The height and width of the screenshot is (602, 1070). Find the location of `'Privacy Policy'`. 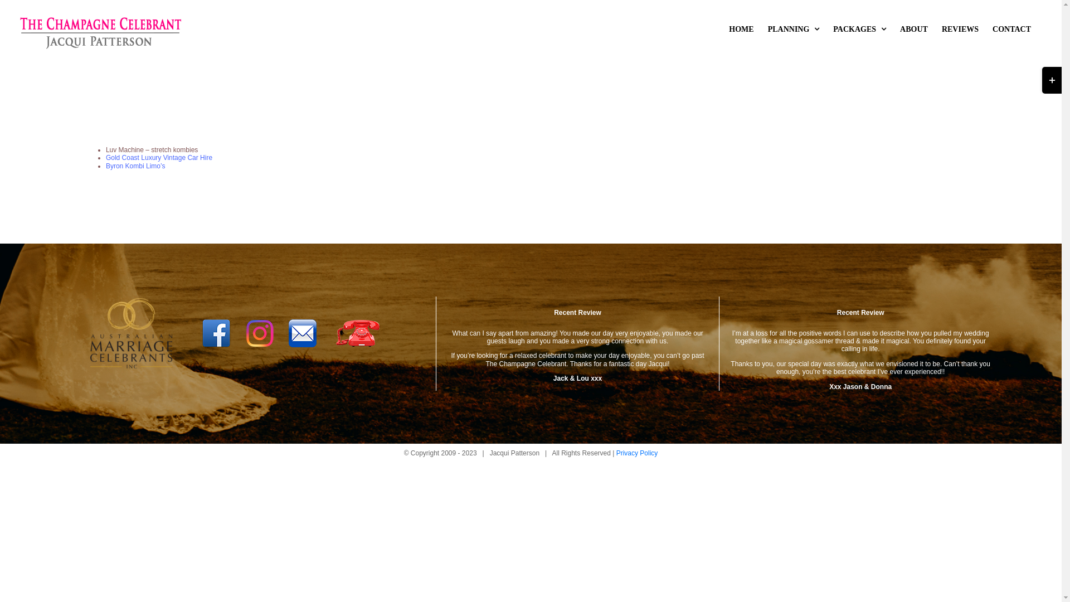

'Privacy Policy' is located at coordinates (637, 453).